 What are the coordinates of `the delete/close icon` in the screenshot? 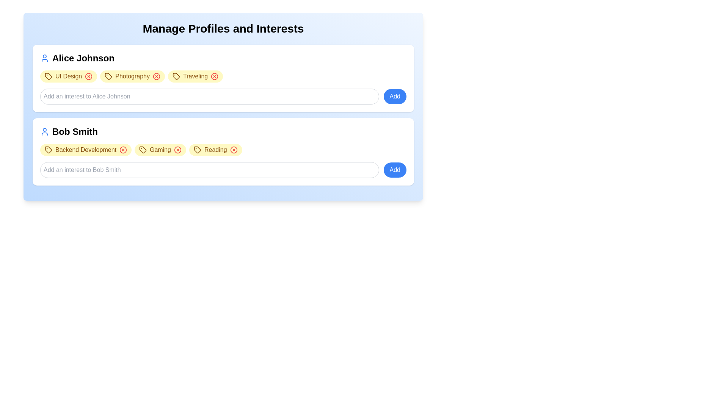 It's located at (123, 150).